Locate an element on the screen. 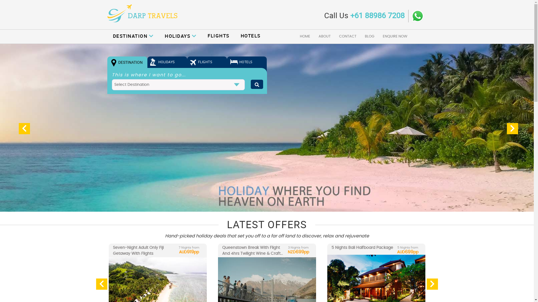 The image size is (538, 302). 'ENQUIRE NOW' is located at coordinates (378, 37).